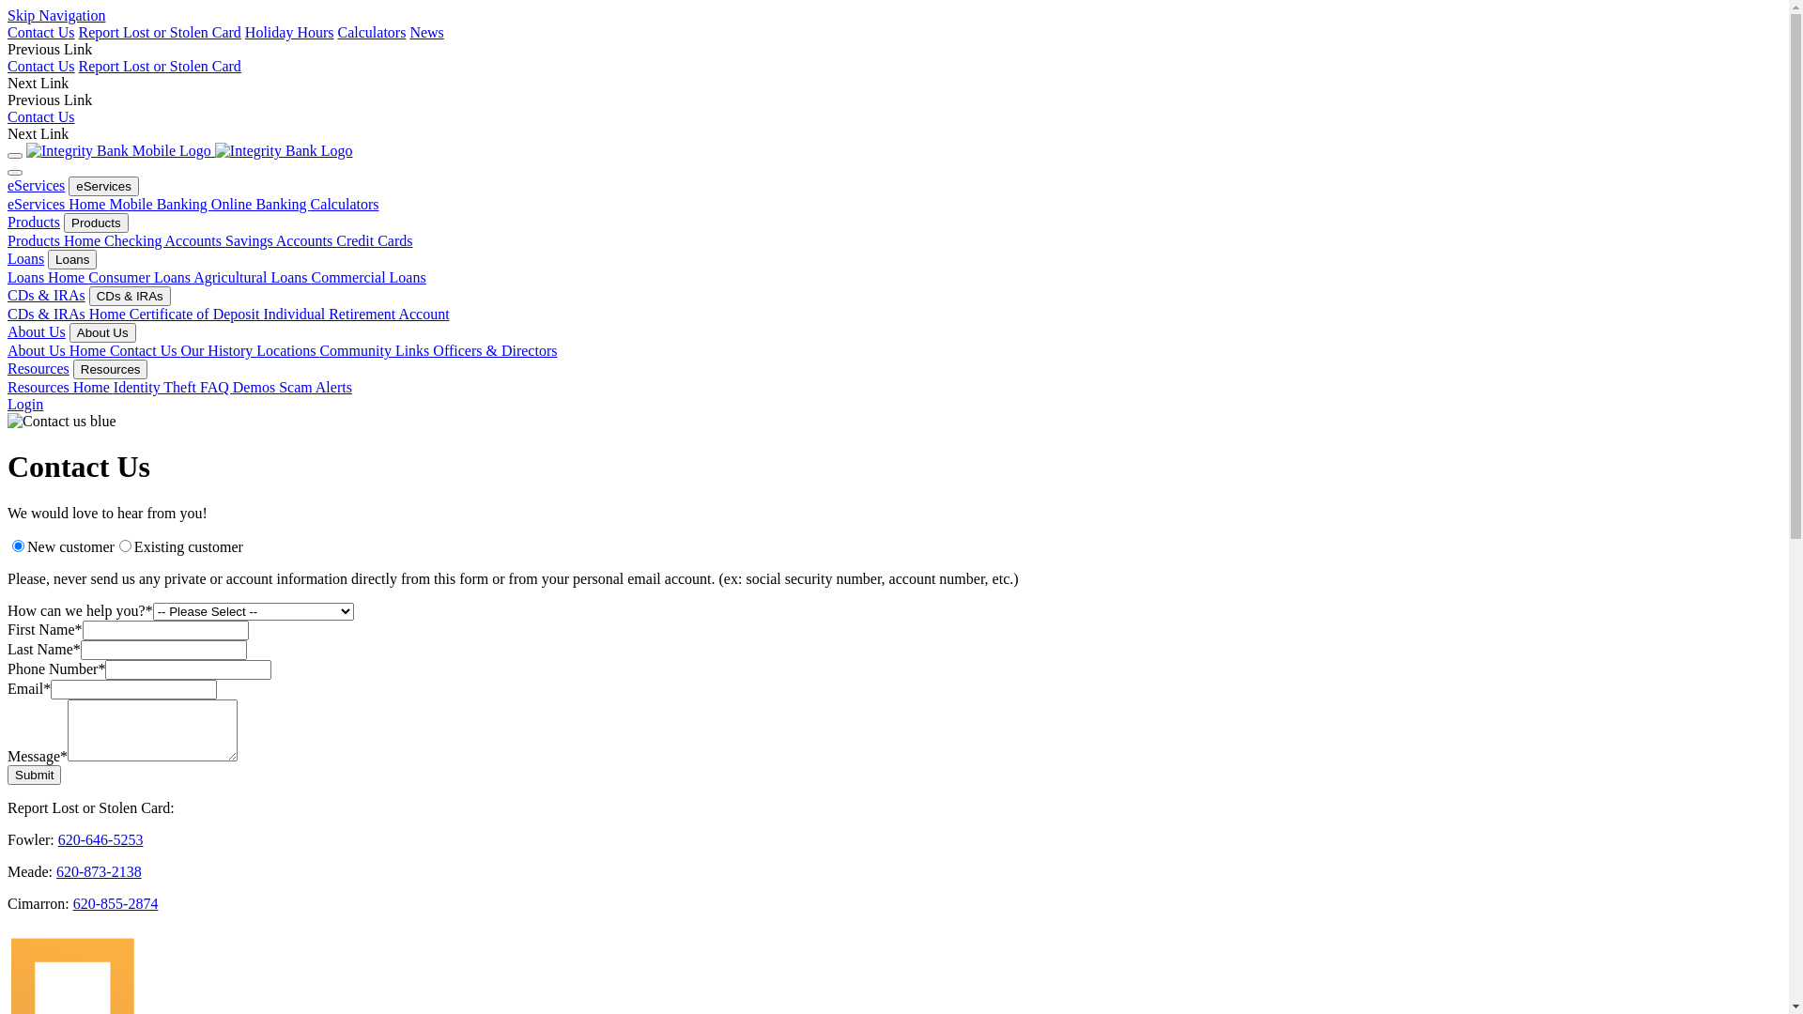 Image resolution: width=1803 pixels, height=1014 pixels. What do you see at coordinates (55, 871) in the screenshot?
I see `'620-873-2138'` at bounding box center [55, 871].